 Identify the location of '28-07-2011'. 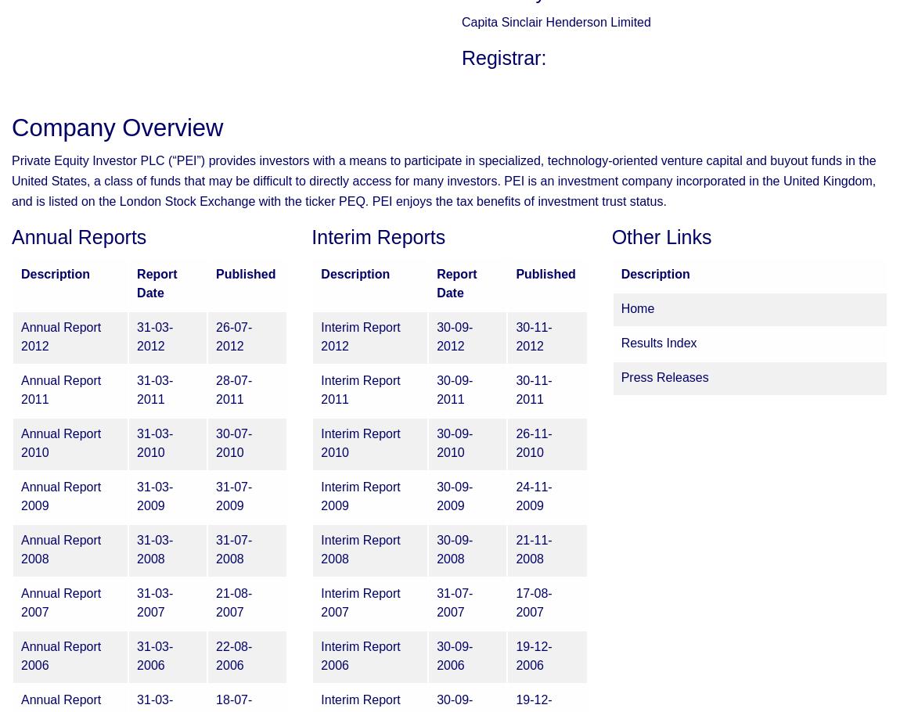
(234, 390).